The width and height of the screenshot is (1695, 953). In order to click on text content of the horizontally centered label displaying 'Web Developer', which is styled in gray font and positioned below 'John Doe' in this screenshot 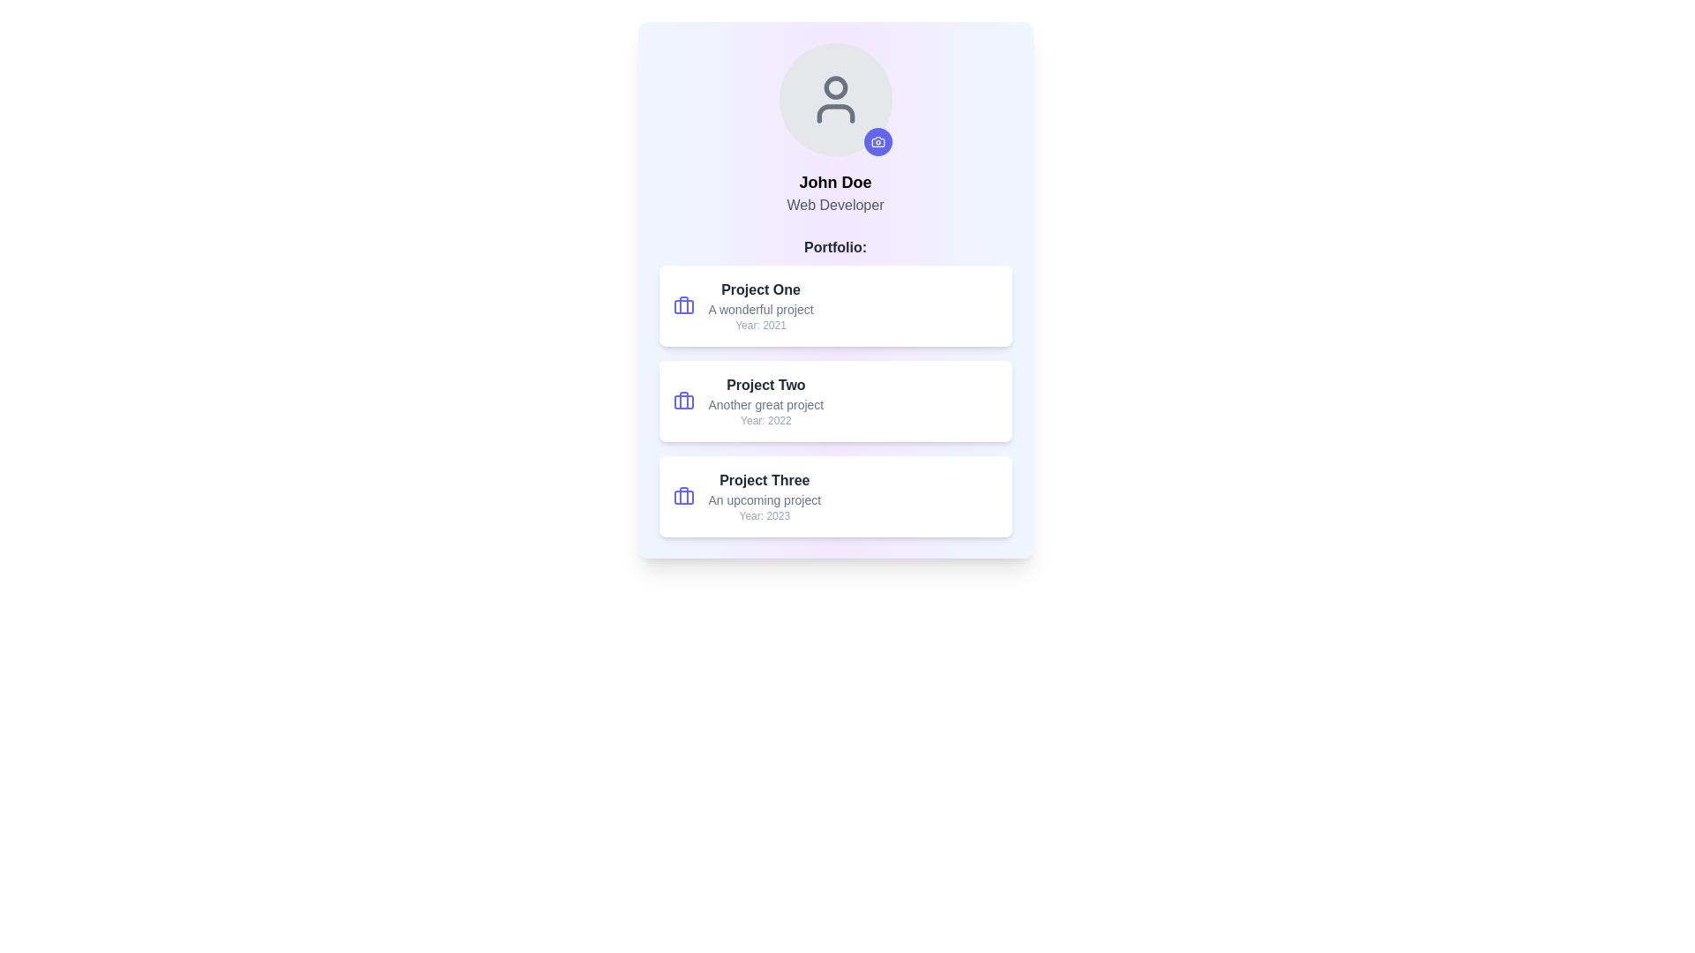, I will do `click(834, 204)`.